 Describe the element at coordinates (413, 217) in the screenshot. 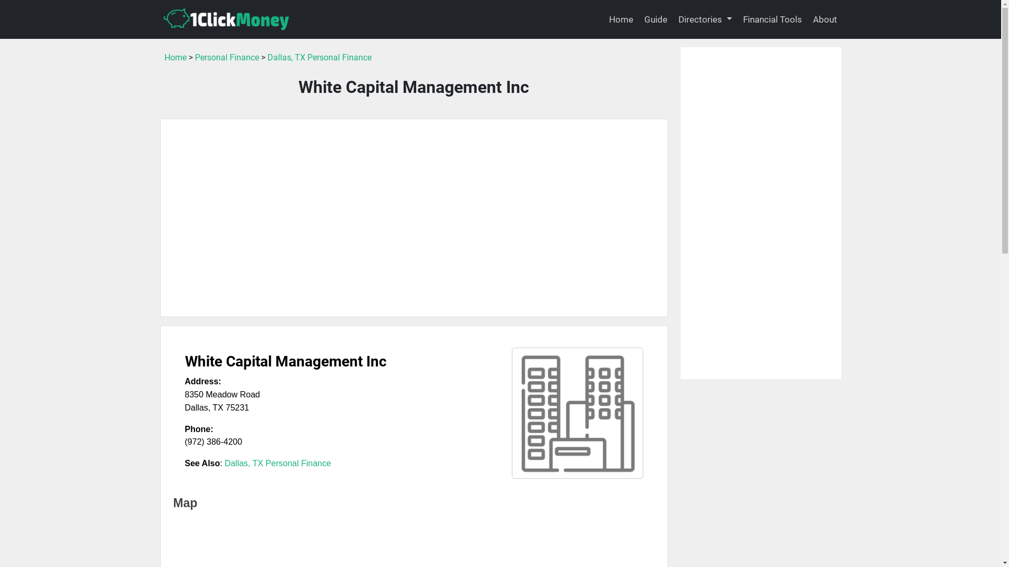

I see `'Advertisement'` at that location.